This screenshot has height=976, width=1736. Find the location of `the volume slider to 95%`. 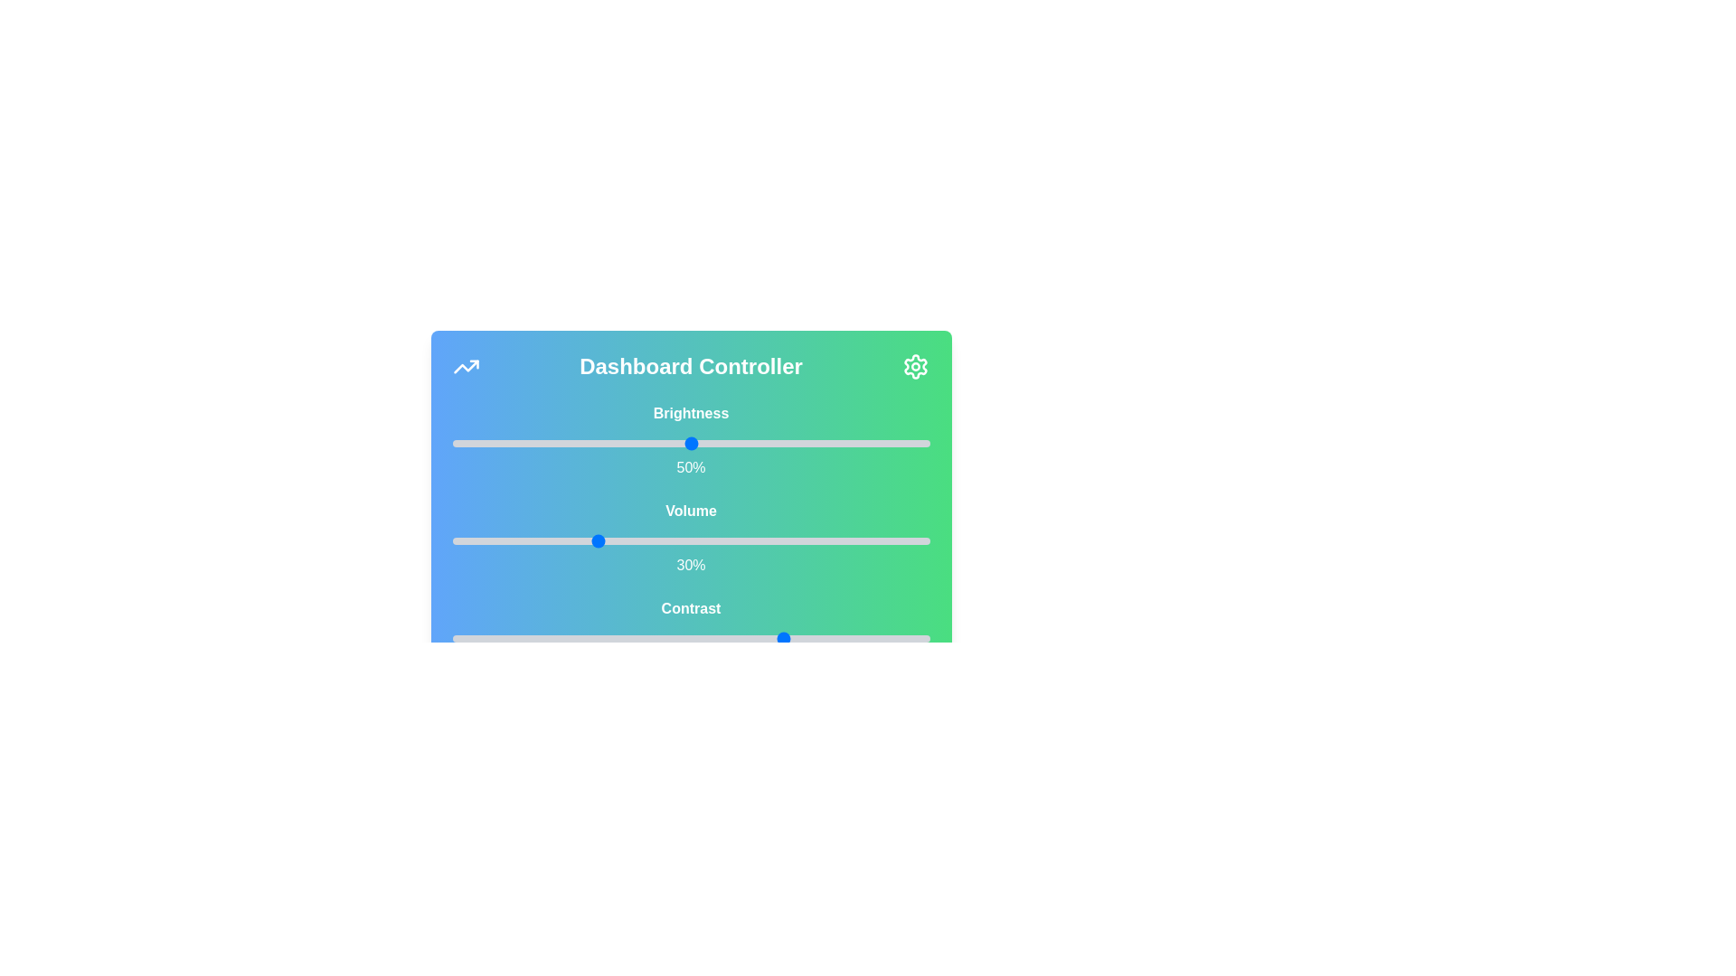

the volume slider to 95% is located at coordinates (906, 540).